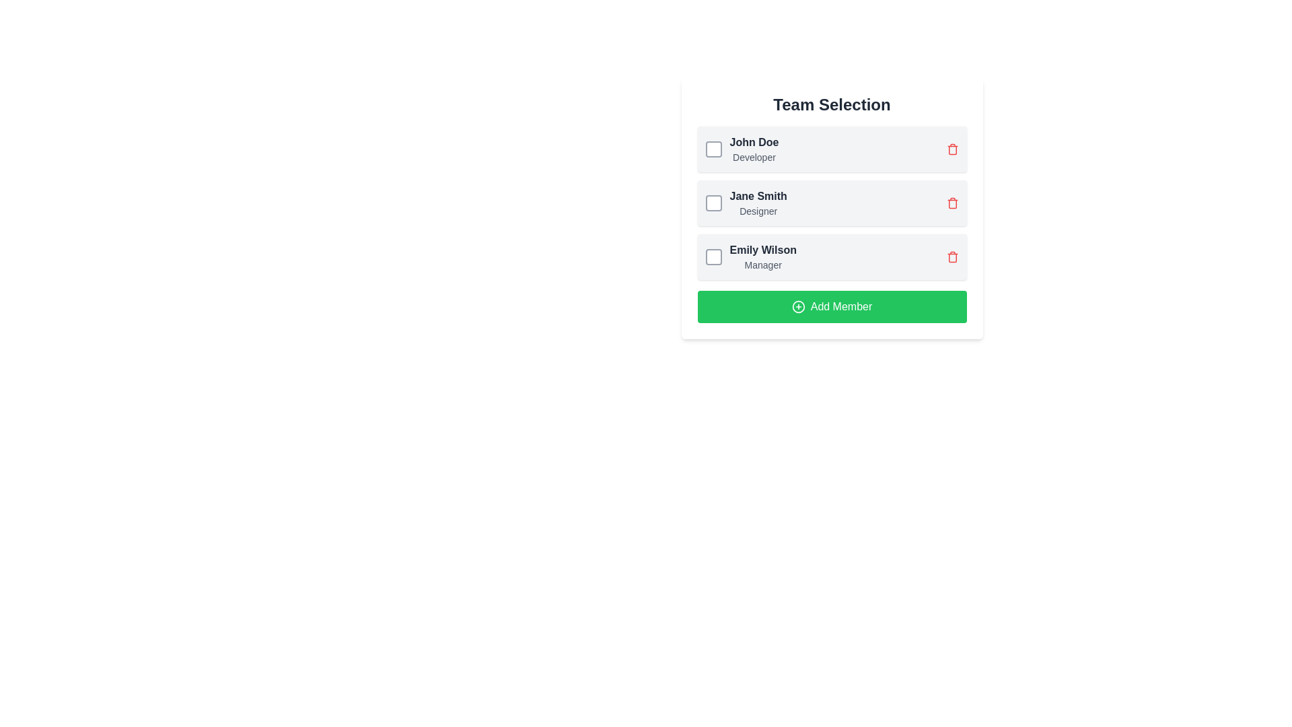  What do you see at coordinates (763, 256) in the screenshot?
I see `the label displaying 'Emily Wilson' and 'Manager' which is located in the third row of a list, adjacent to a checkbox and a delete icon` at bounding box center [763, 256].